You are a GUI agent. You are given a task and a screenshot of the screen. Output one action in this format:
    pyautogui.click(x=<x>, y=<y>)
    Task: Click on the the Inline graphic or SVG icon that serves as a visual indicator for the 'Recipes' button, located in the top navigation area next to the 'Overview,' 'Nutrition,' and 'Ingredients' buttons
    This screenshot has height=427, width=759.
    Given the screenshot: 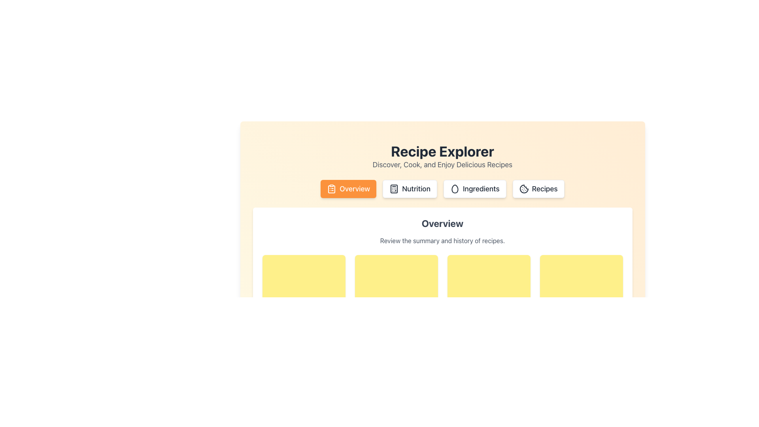 What is the action you would take?
    pyautogui.click(x=524, y=189)
    